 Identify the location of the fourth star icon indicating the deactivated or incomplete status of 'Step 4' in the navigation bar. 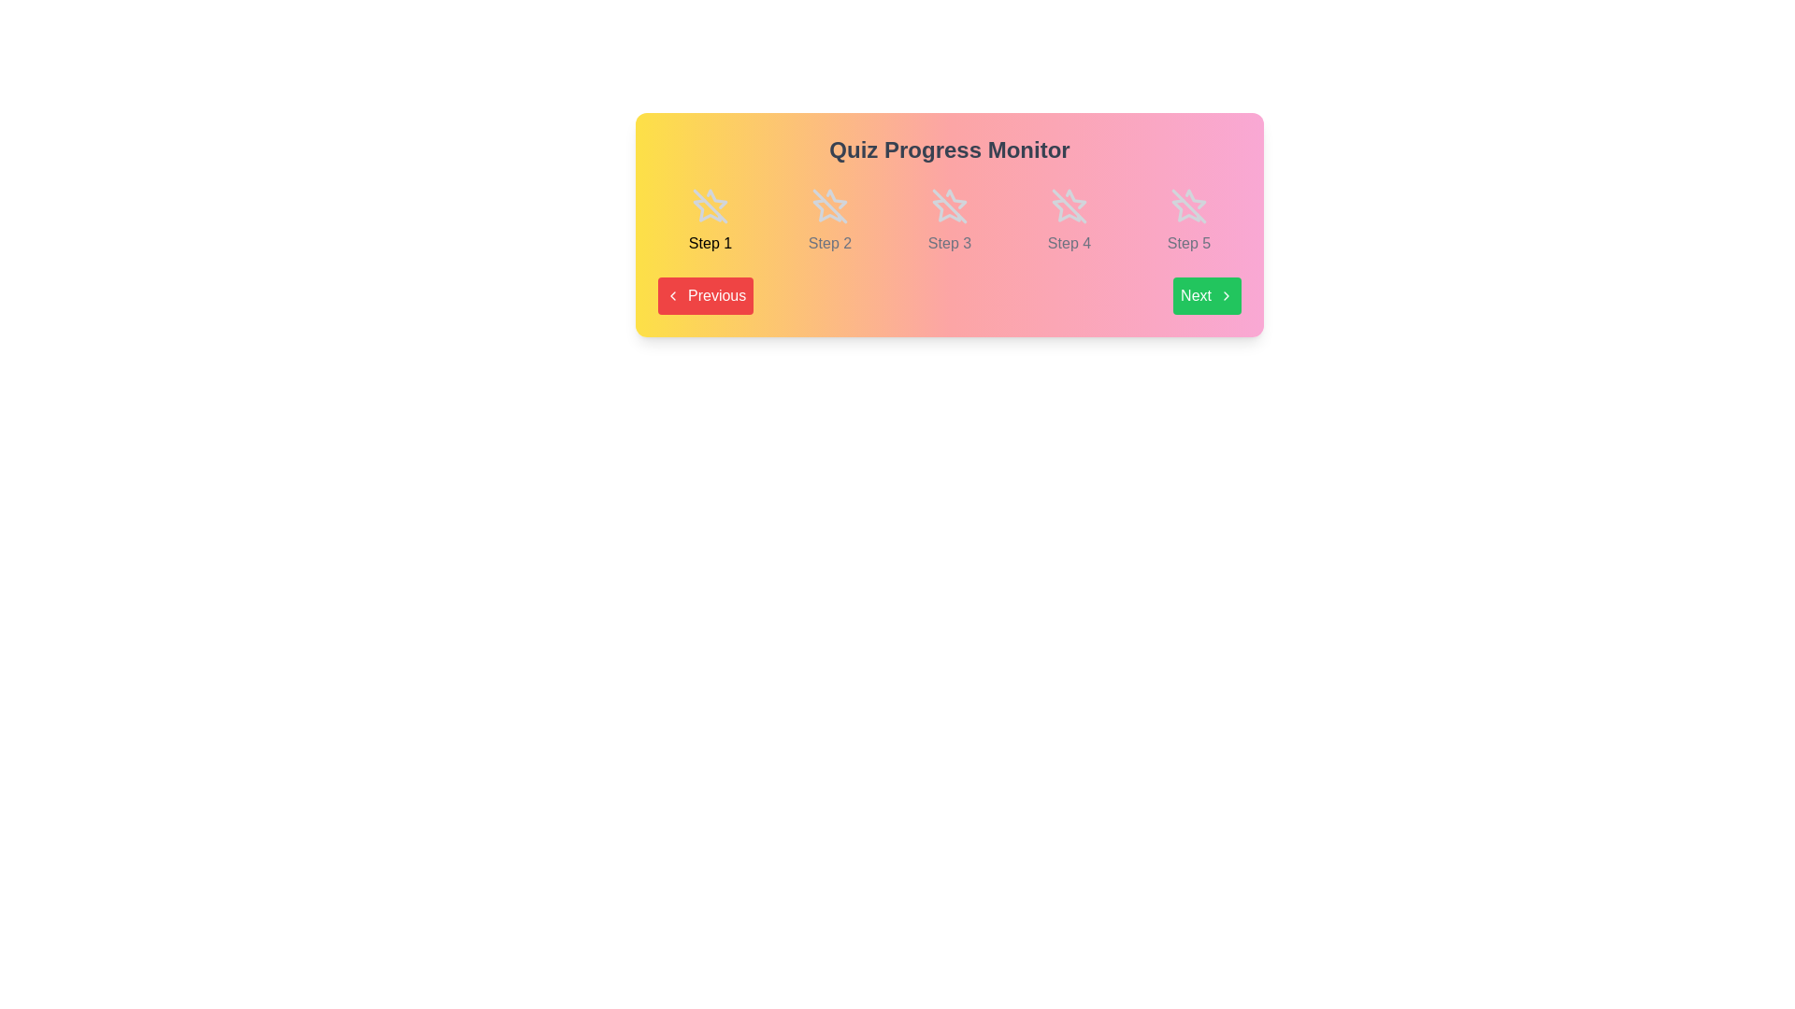
(1069, 206).